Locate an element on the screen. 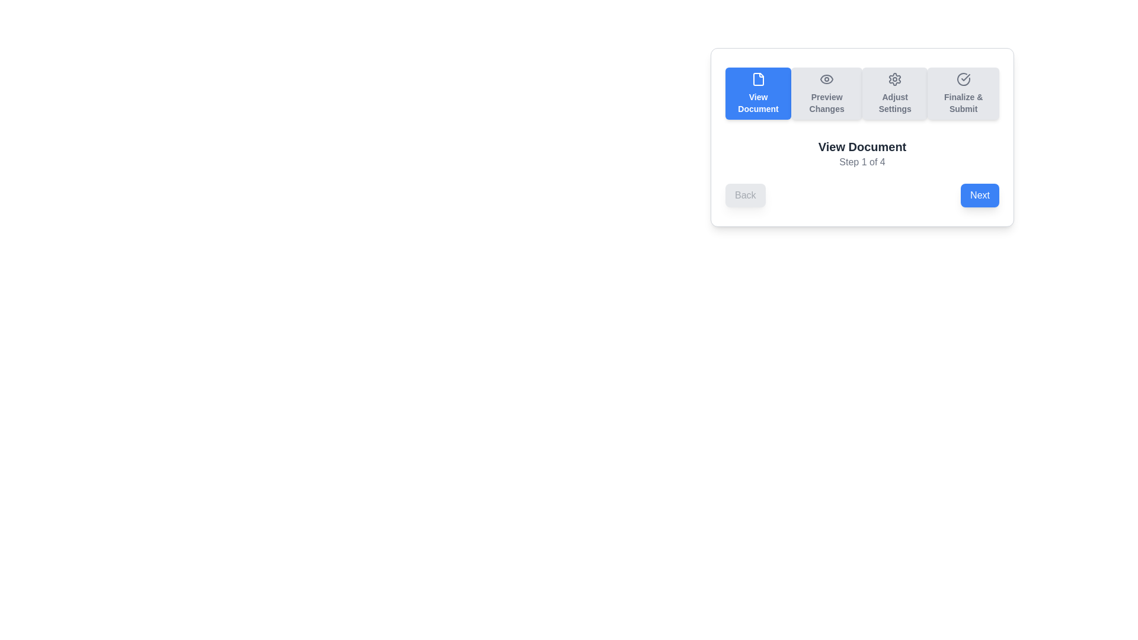  the button corresponding to Adjust Settings is located at coordinates (895, 93).